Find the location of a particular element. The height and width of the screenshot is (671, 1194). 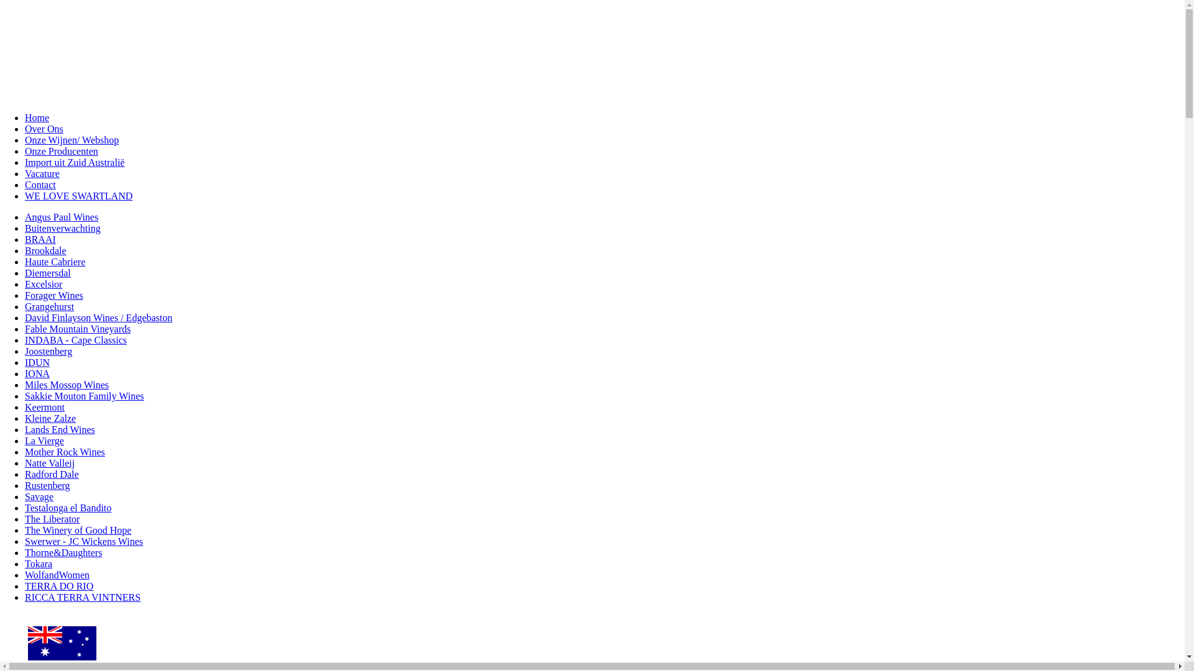

'IDUN' is located at coordinates (37, 362).